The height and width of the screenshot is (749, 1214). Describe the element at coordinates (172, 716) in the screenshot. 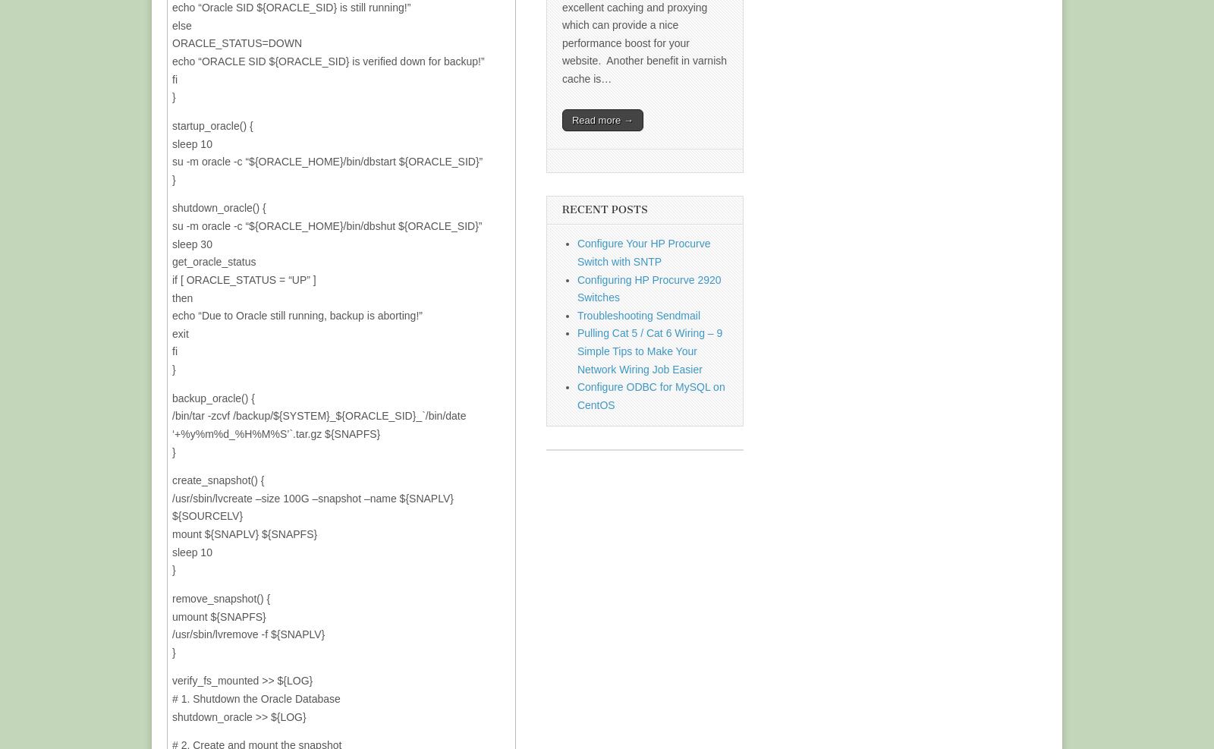

I see `'shutdown_oracle >> ${LOG}'` at that location.